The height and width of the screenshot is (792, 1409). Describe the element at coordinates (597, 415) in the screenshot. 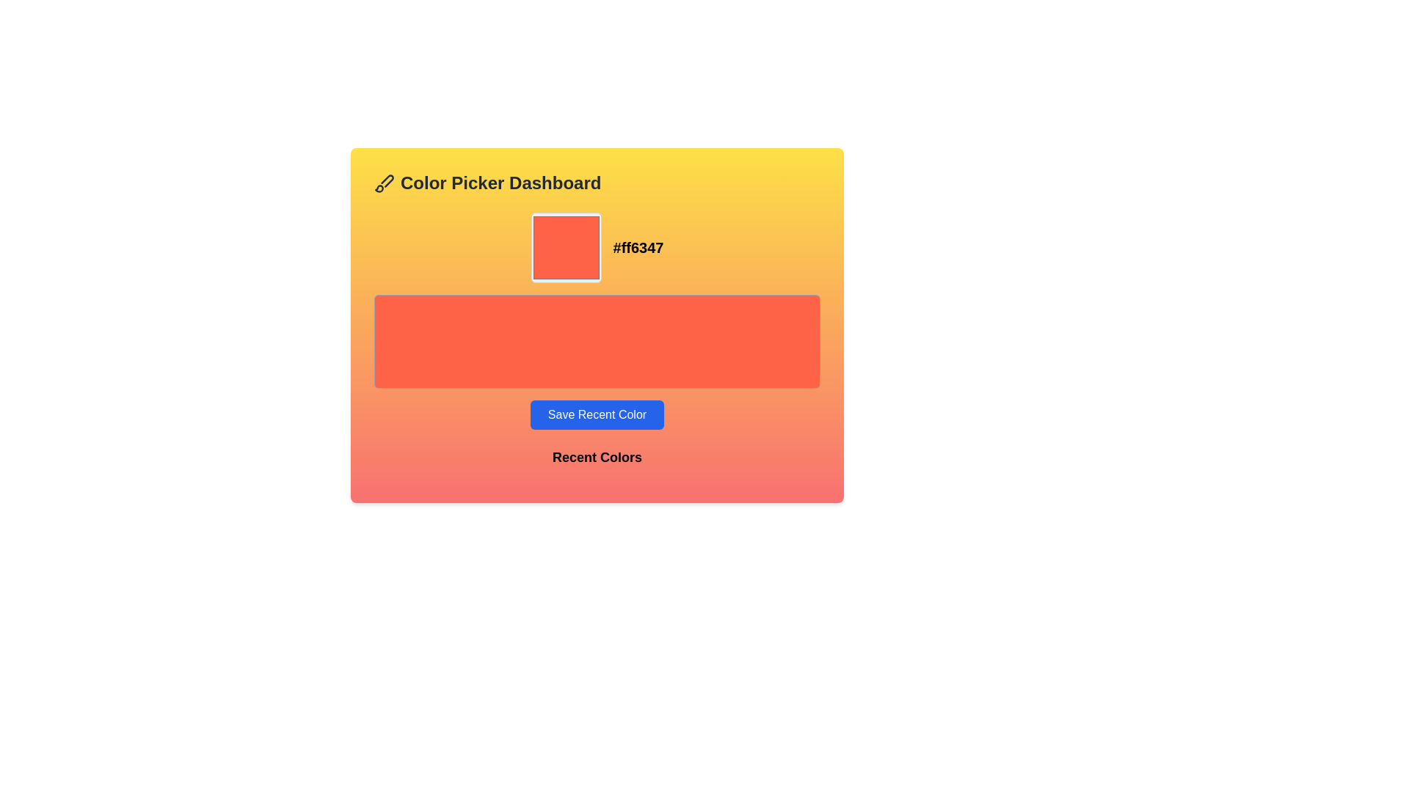

I see `the save button located at the lower region of the color panel` at that location.